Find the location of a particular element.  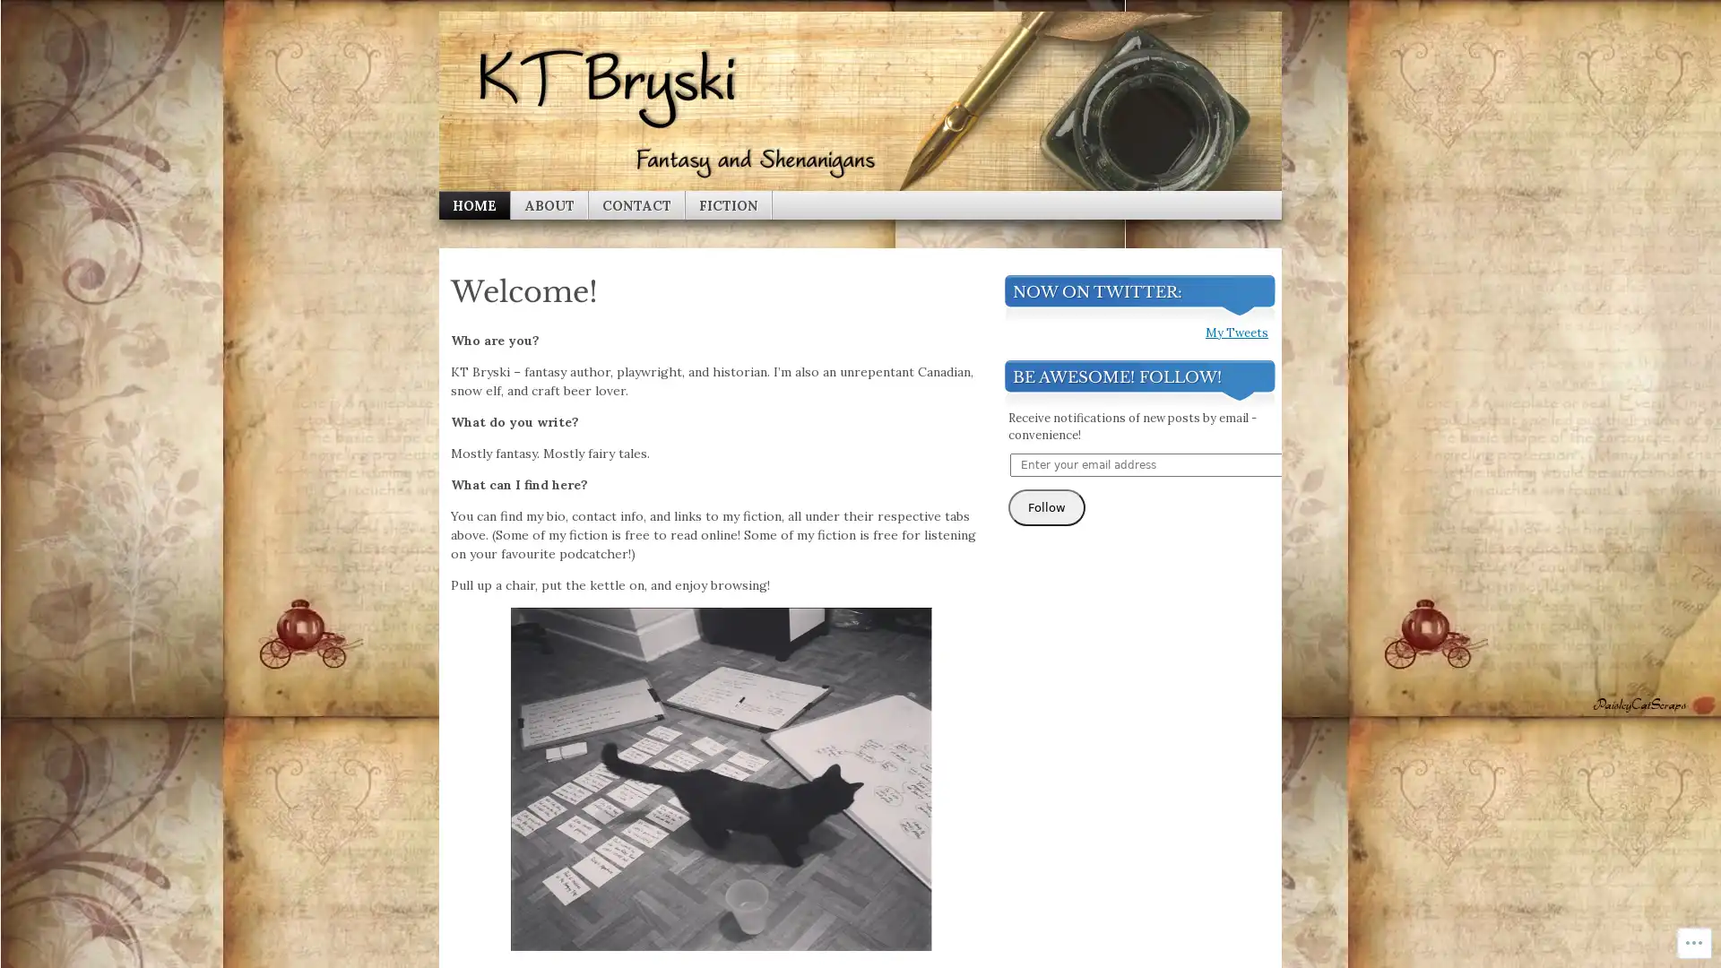

Follow is located at coordinates (1046, 781).